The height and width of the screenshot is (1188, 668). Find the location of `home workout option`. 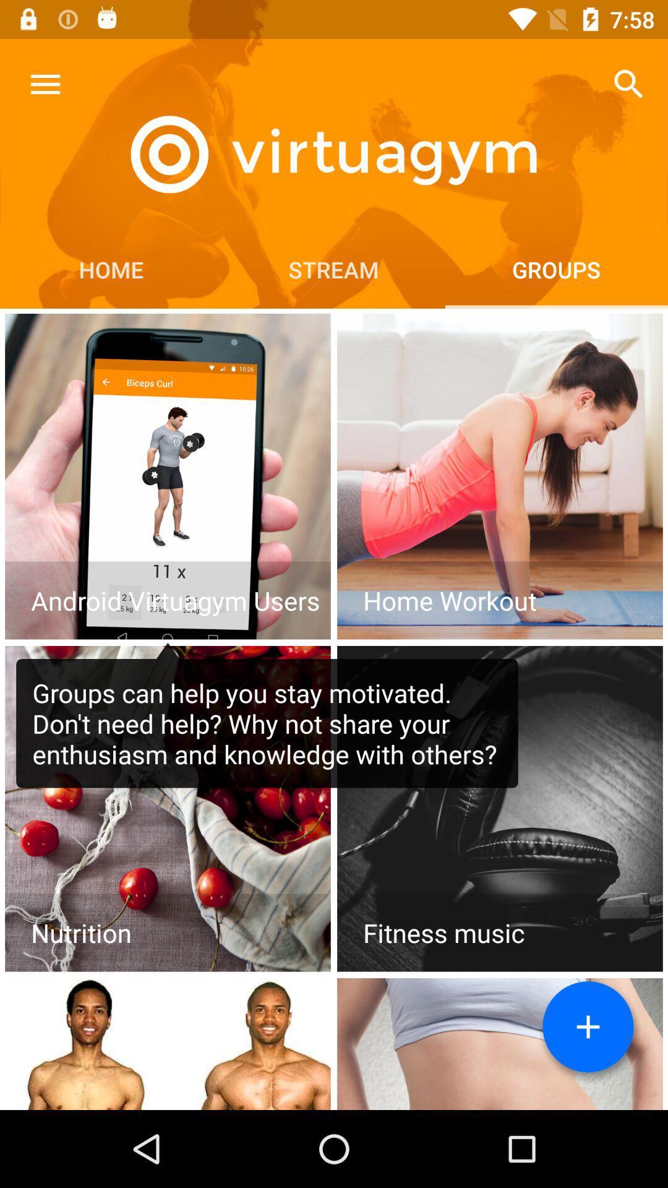

home workout option is located at coordinates (499, 476).